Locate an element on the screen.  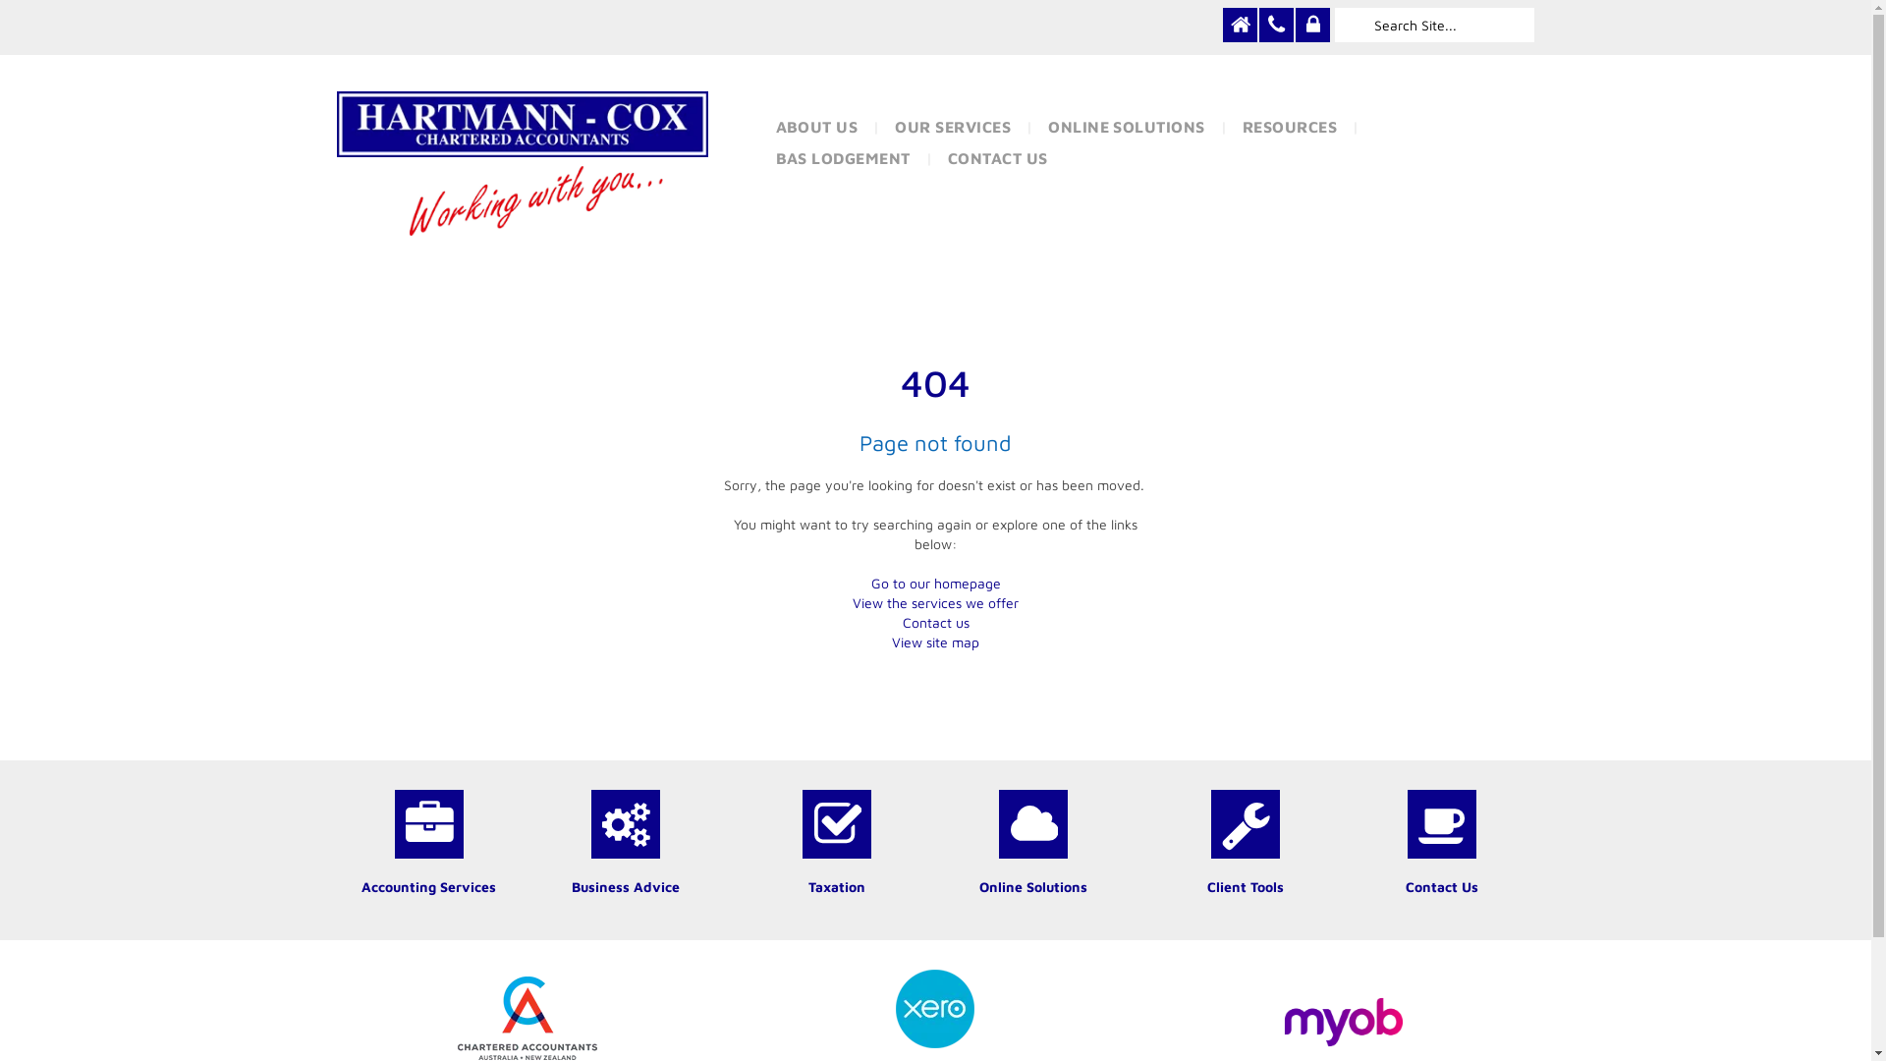
'BAS LODGEMENT' is located at coordinates (842, 157).